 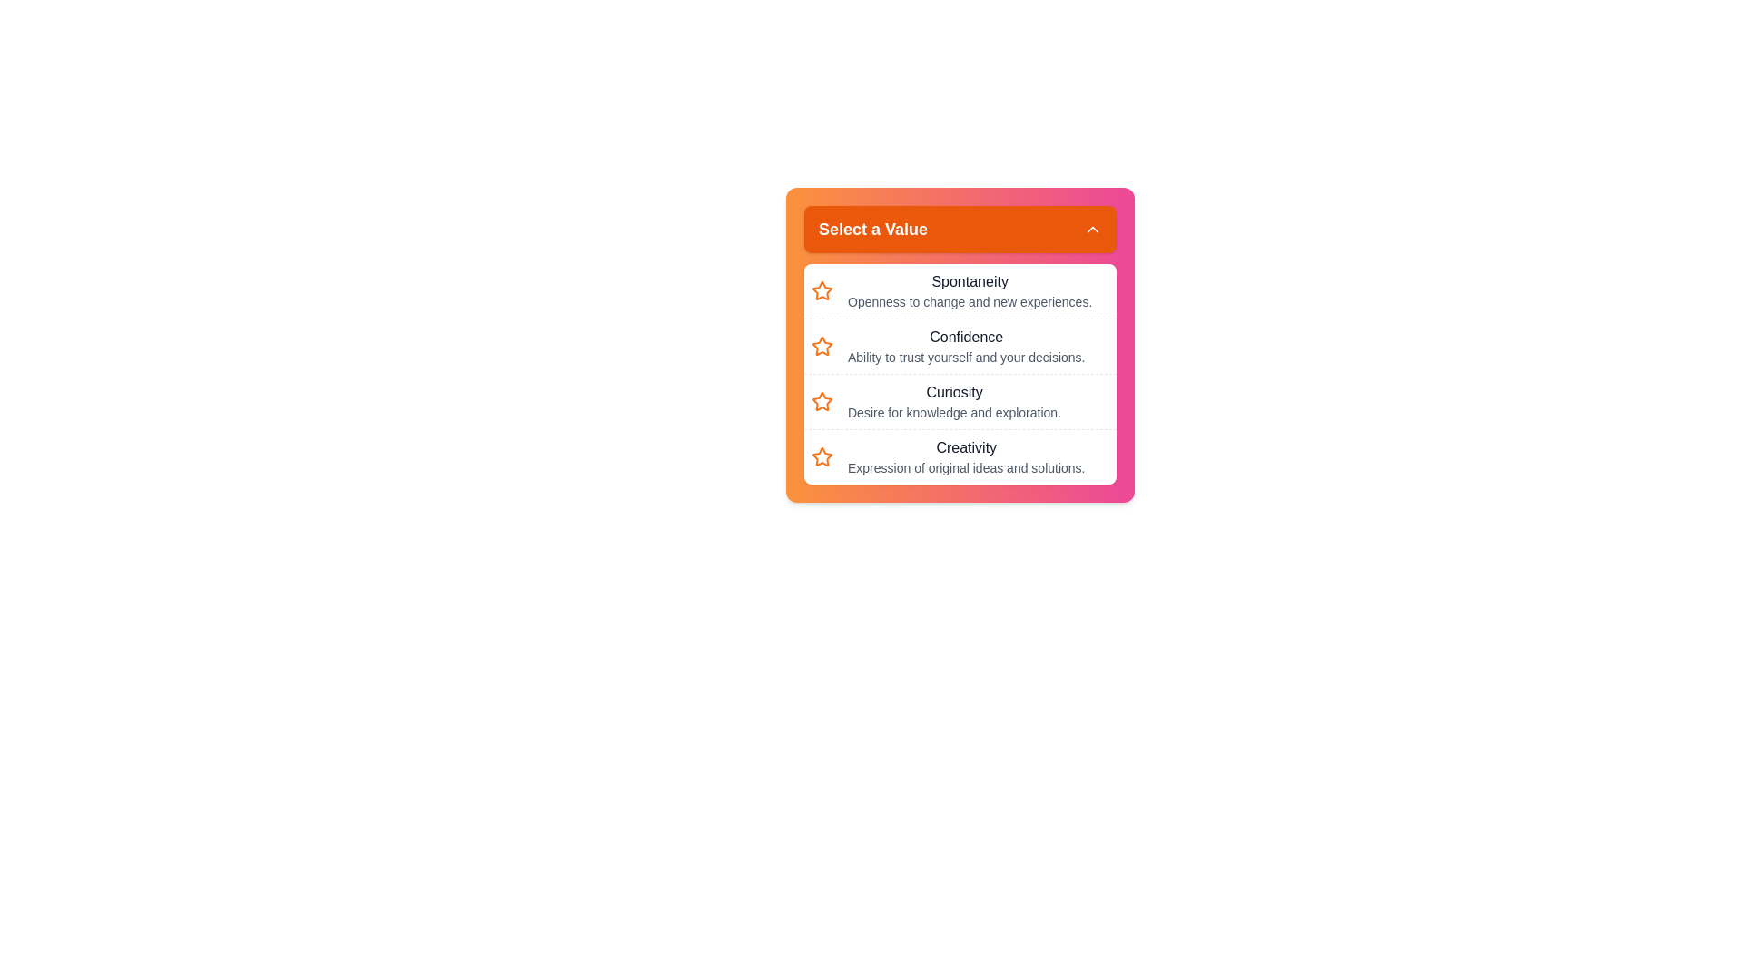 What do you see at coordinates (822, 289) in the screenshot?
I see `the first star icon in the dropdown menu under the 'Select a Value' header, which is associated with the 'Spontaneity' option` at bounding box center [822, 289].